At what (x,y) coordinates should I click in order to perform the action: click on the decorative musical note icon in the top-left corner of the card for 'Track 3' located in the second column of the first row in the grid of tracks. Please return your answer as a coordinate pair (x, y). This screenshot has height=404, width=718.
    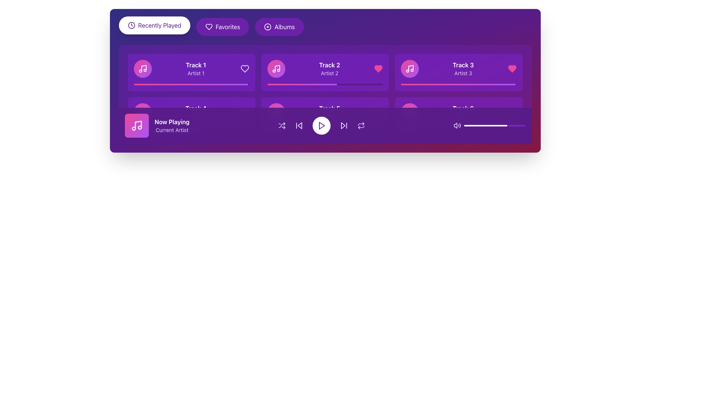
    Looking at the image, I should click on (411, 68).